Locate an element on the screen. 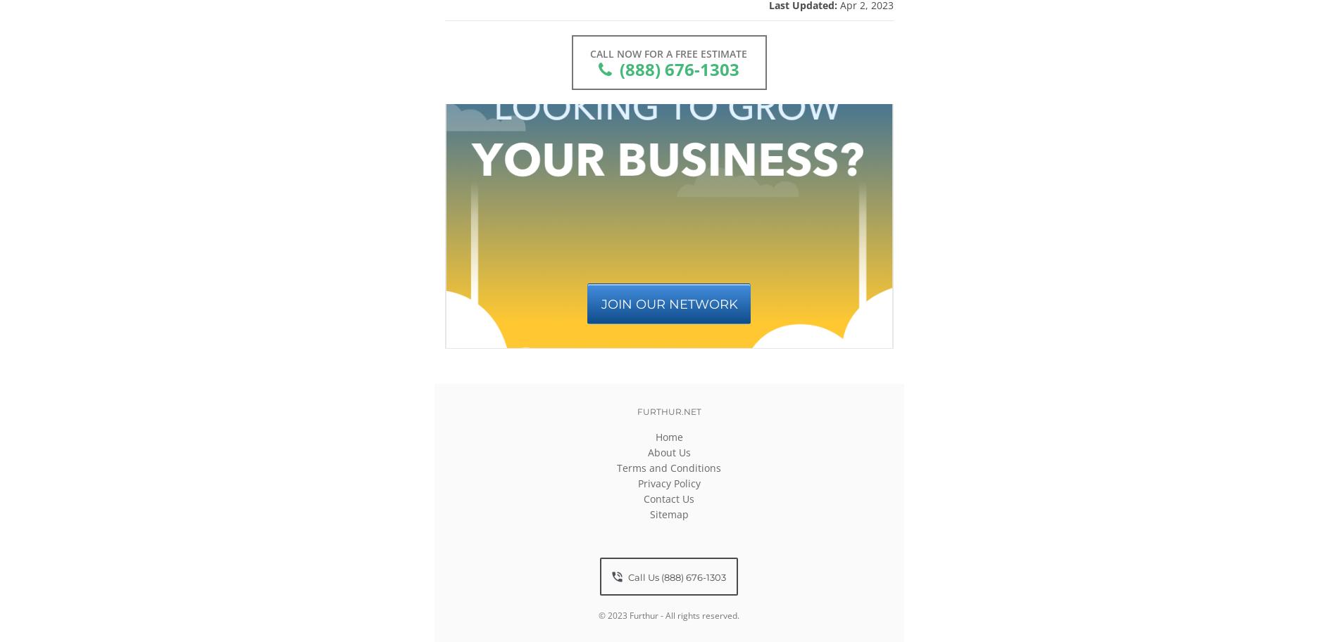 Image resolution: width=1338 pixels, height=642 pixels. 'Terms and Conditions' is located at coordinates (669, 468).